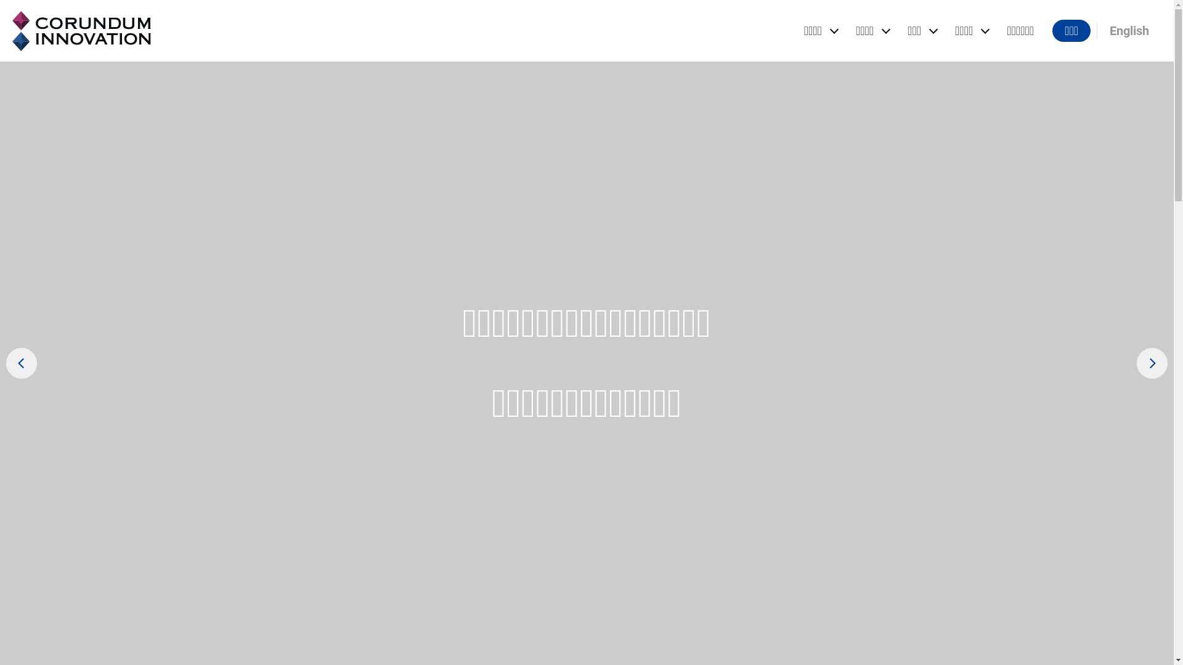  What do you see at coordinates (1129, 30) in the screenshot?
I see `'English'` at bounding box center [1129, 30].